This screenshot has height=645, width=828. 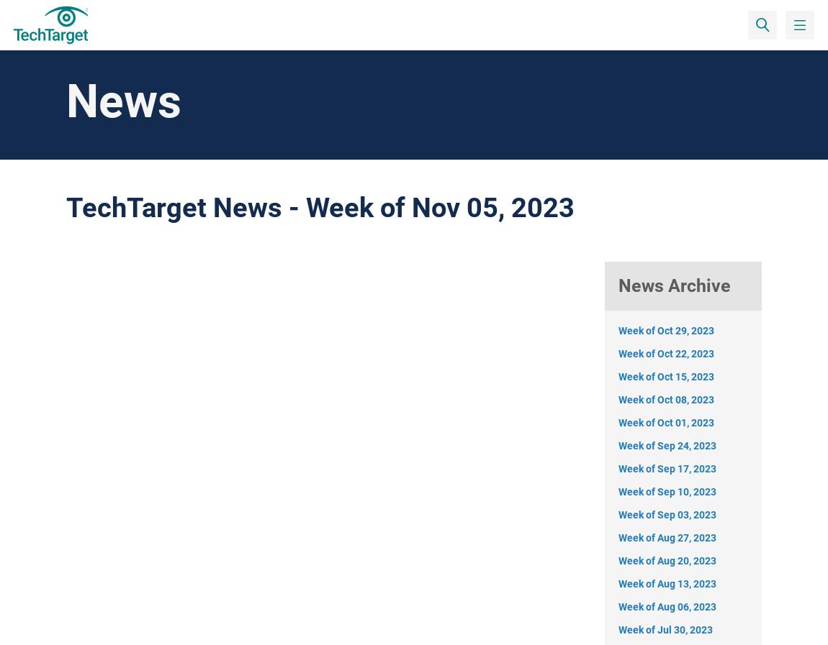 I want to click on 'Week of Oct 29, 2023', so click(x=666, y=329).